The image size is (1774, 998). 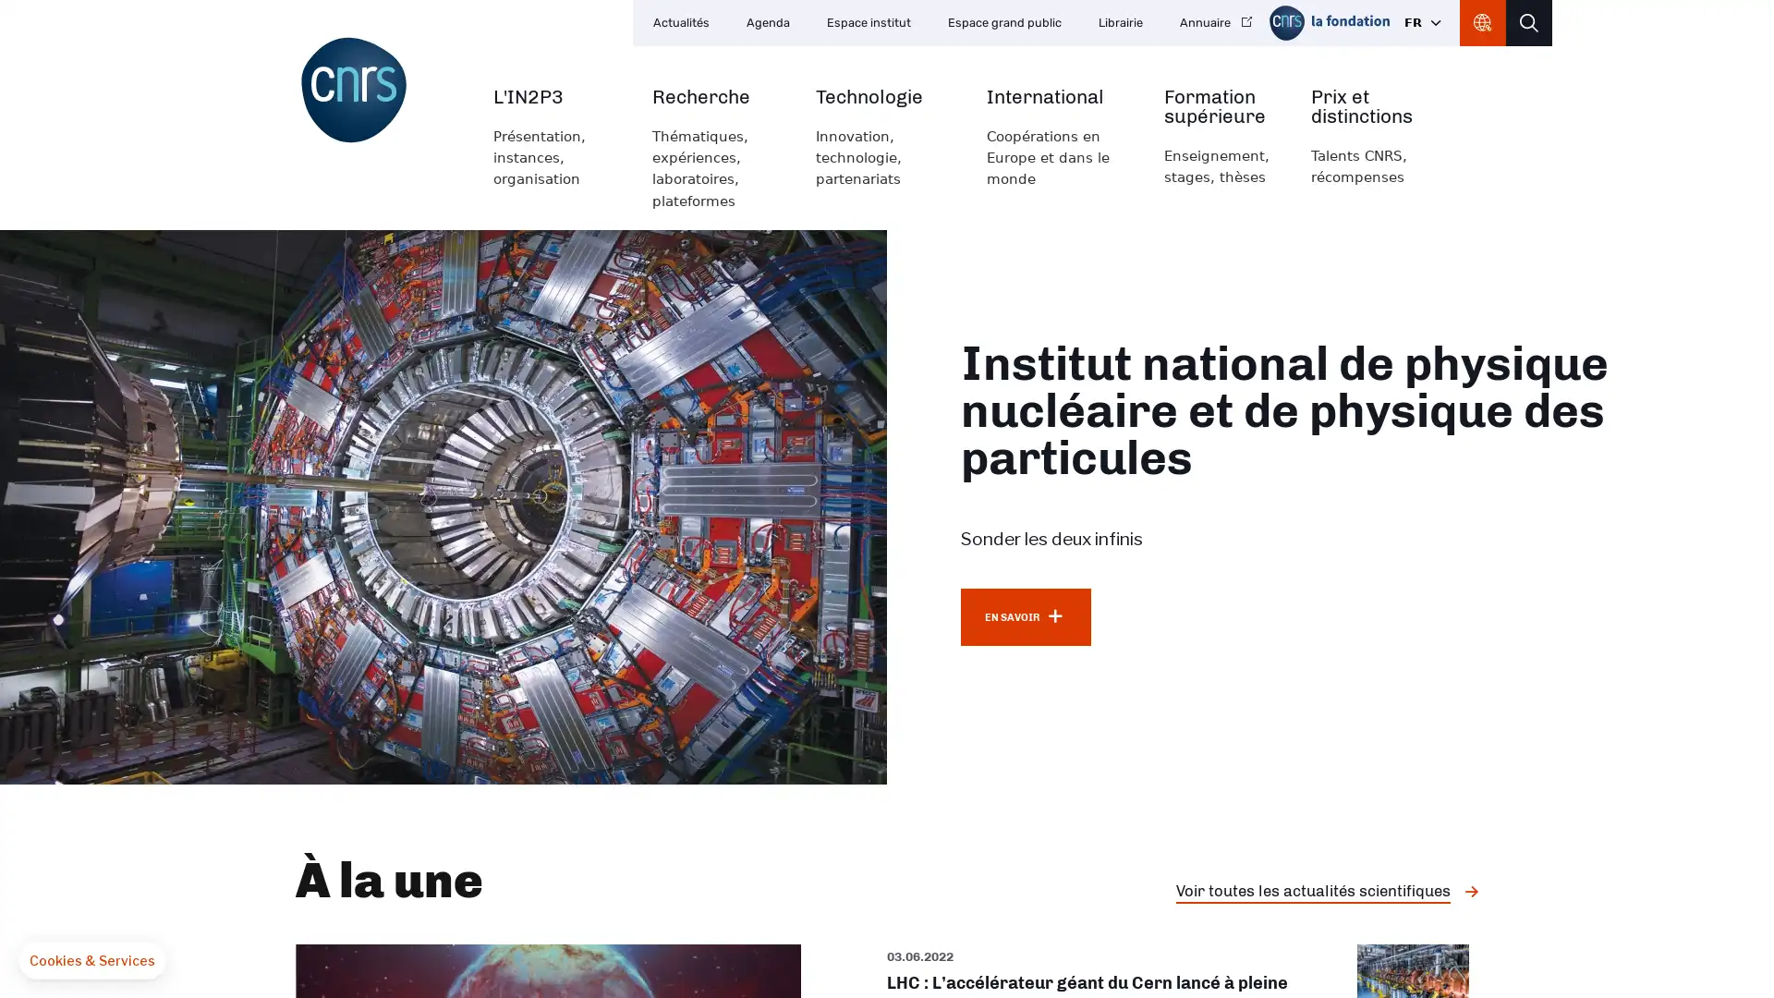 What do you see at coordinates (213, 904) in the screenshot?
I see `Je choisis` at bounding box center [213, 904].